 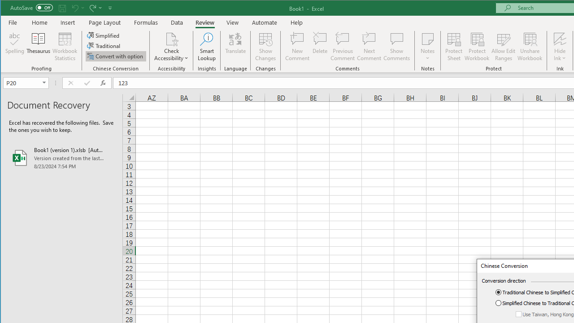 I want to click on 'Thesaurus...', so click(x=38, y=47).